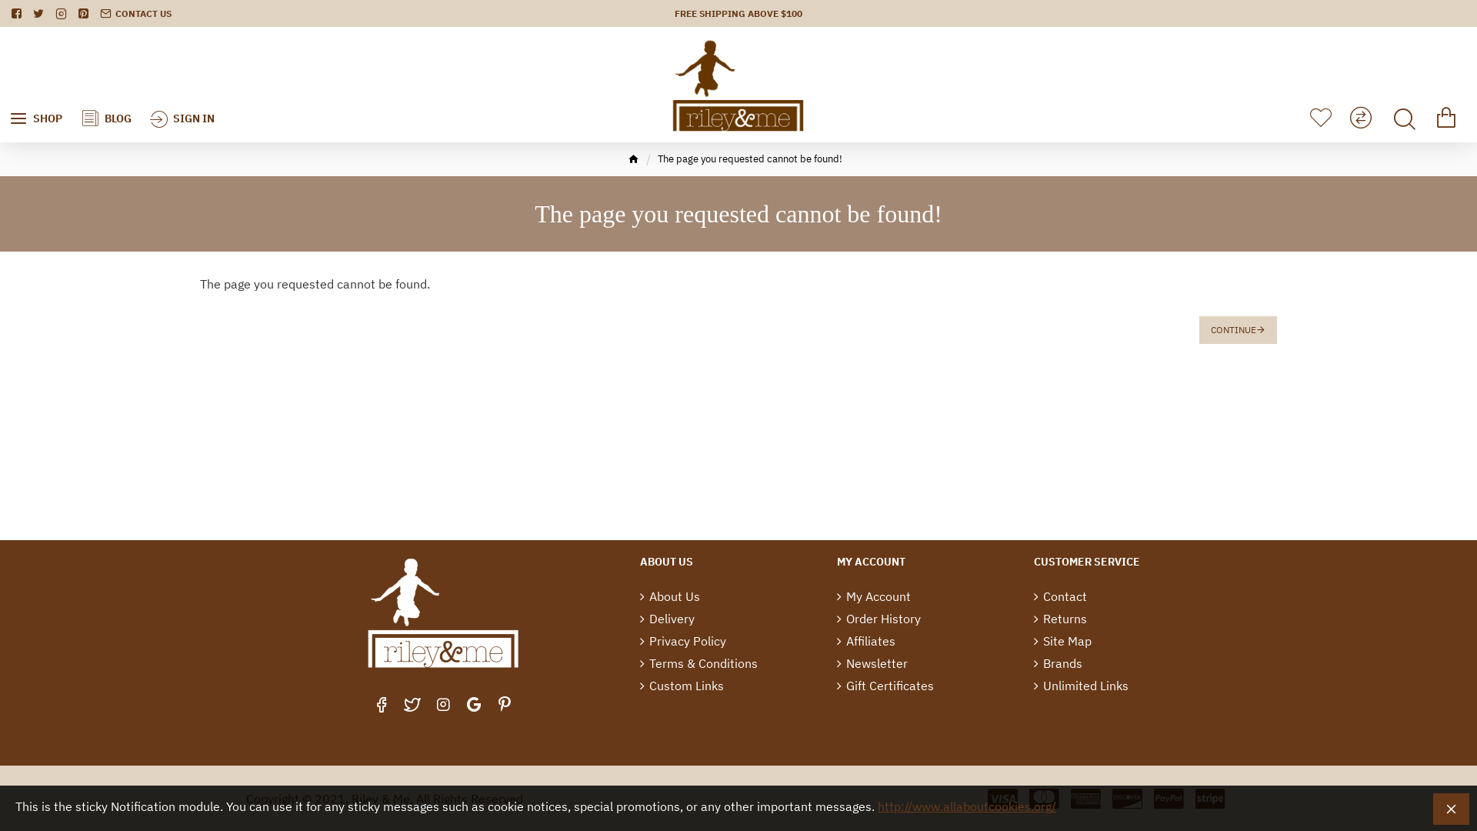 The image size is (1477, 831). Describe the element at coordinates (639, 686) in the screenshot. I see `'Custom Links'` at that location.